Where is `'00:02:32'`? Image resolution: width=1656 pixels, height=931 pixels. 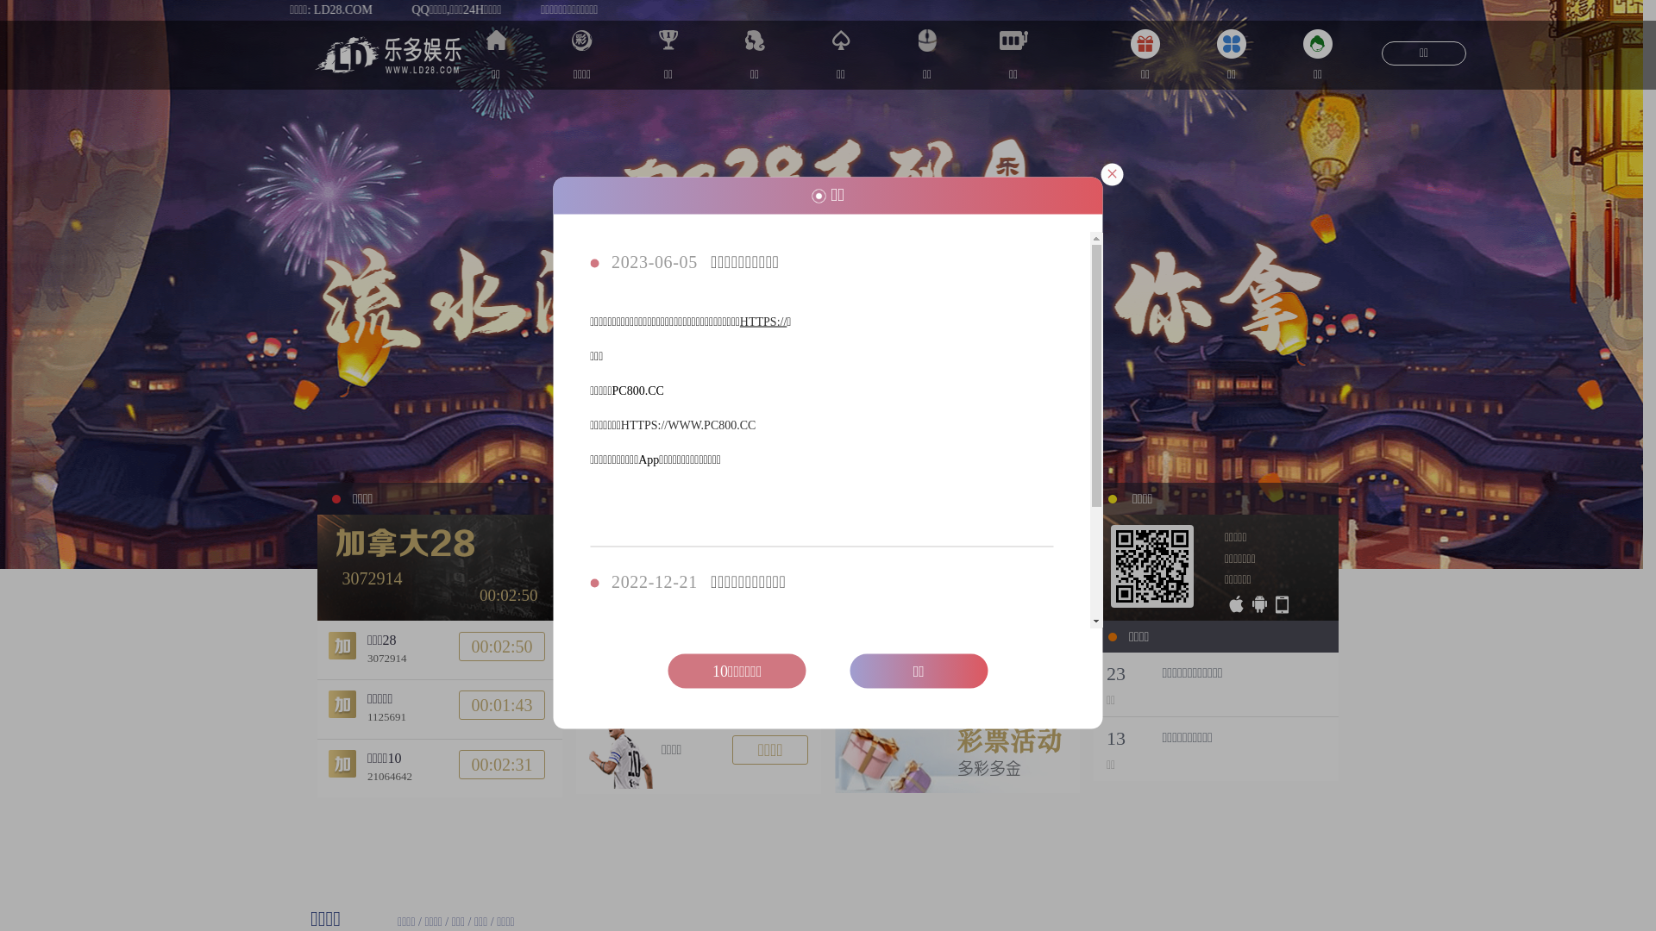
'00:02:32' is located at coordinates (500, 764).